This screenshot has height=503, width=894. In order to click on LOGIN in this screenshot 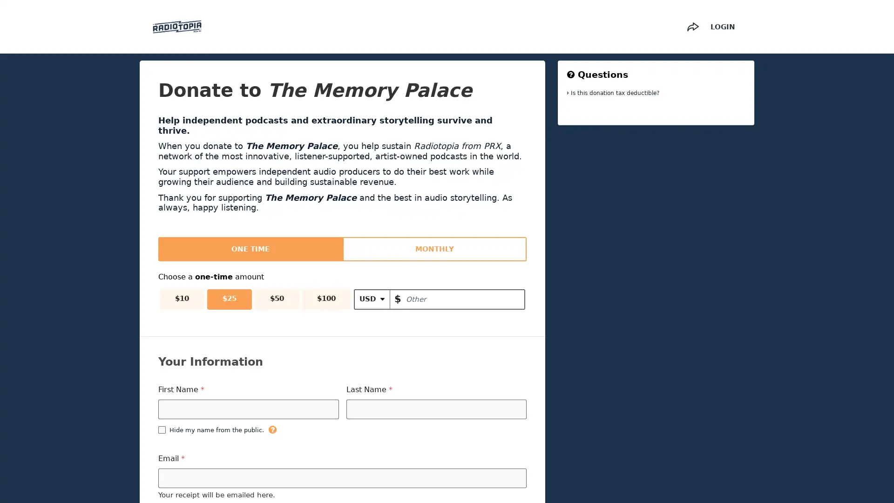, I will do `click(724, 26)`.